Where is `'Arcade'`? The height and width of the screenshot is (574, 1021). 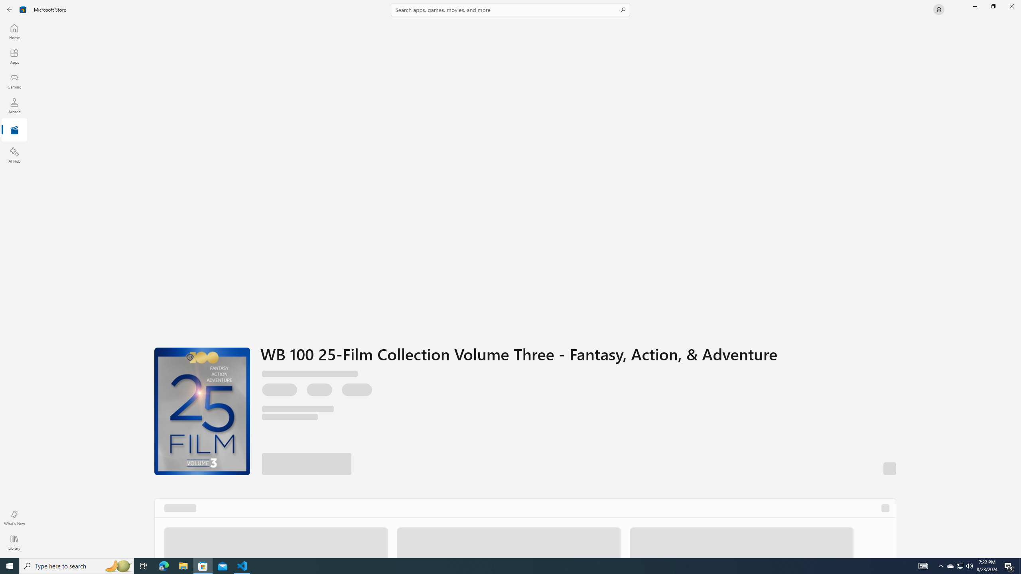 'Arcade' is located at coordinates (14, 105).